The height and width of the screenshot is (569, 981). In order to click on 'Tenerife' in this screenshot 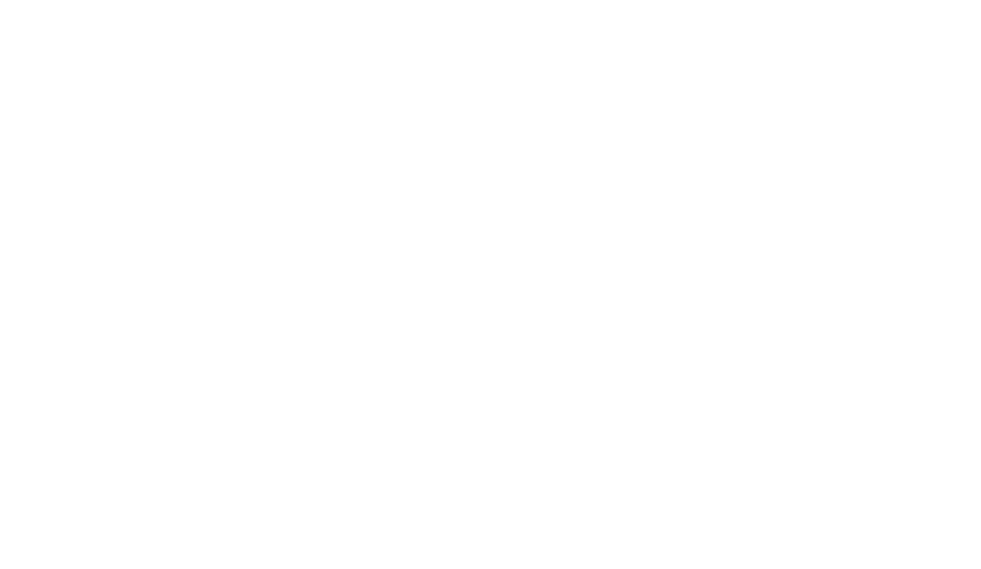, I will do `click(744, 49)`.